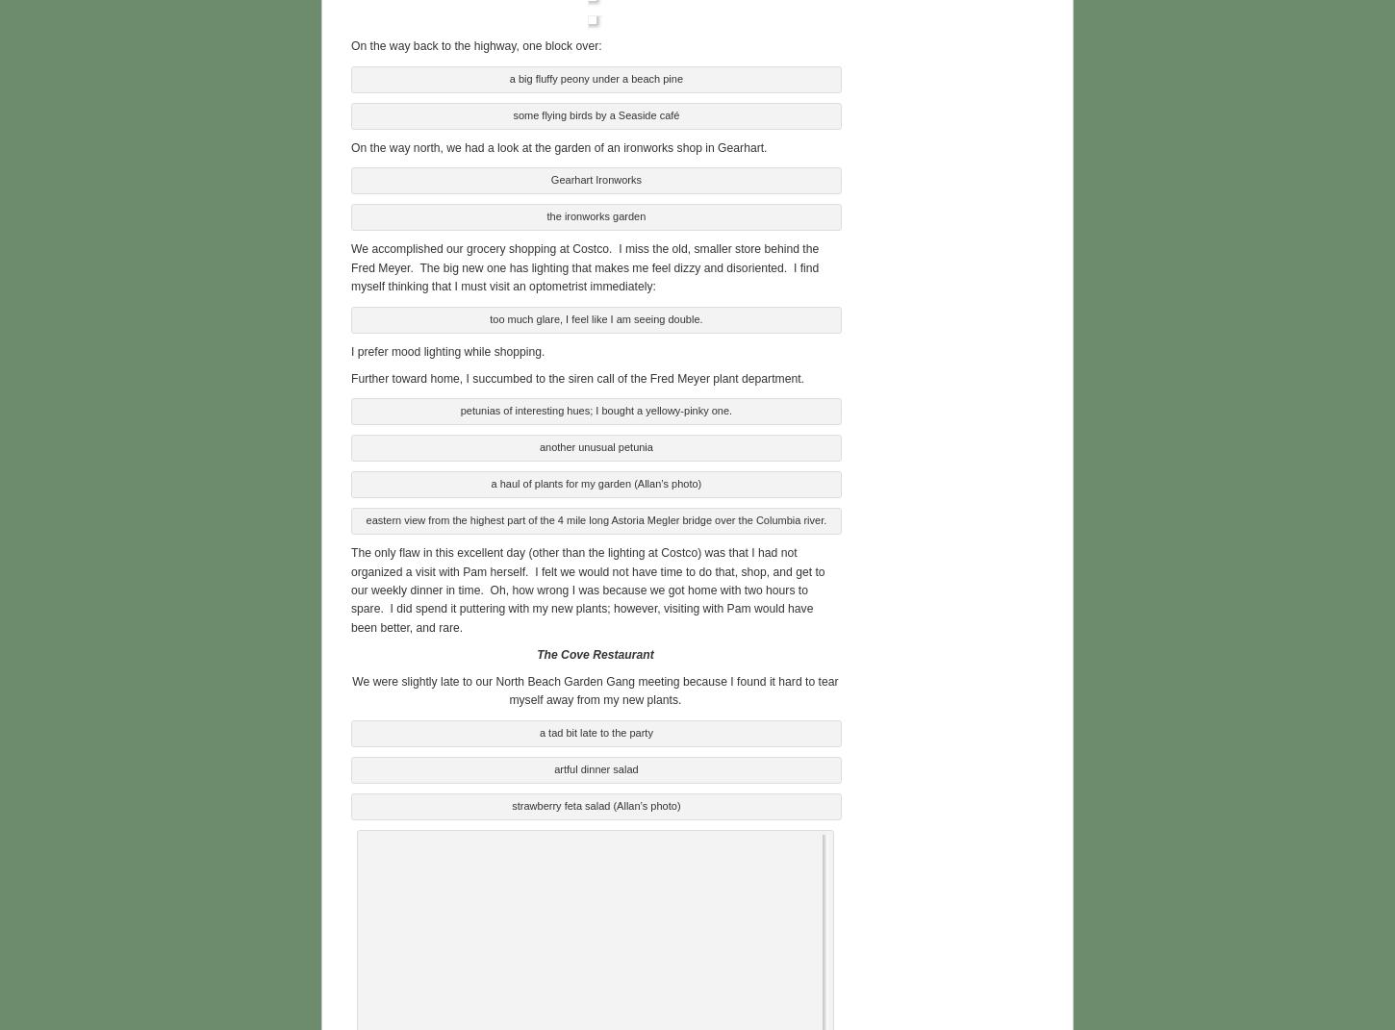 The width and height of the screenshot is (1395, 1030). I want to click on 'Further toward home, I succumbed to the siren call of the Fred Meyer plant department.', so click(577, 376).